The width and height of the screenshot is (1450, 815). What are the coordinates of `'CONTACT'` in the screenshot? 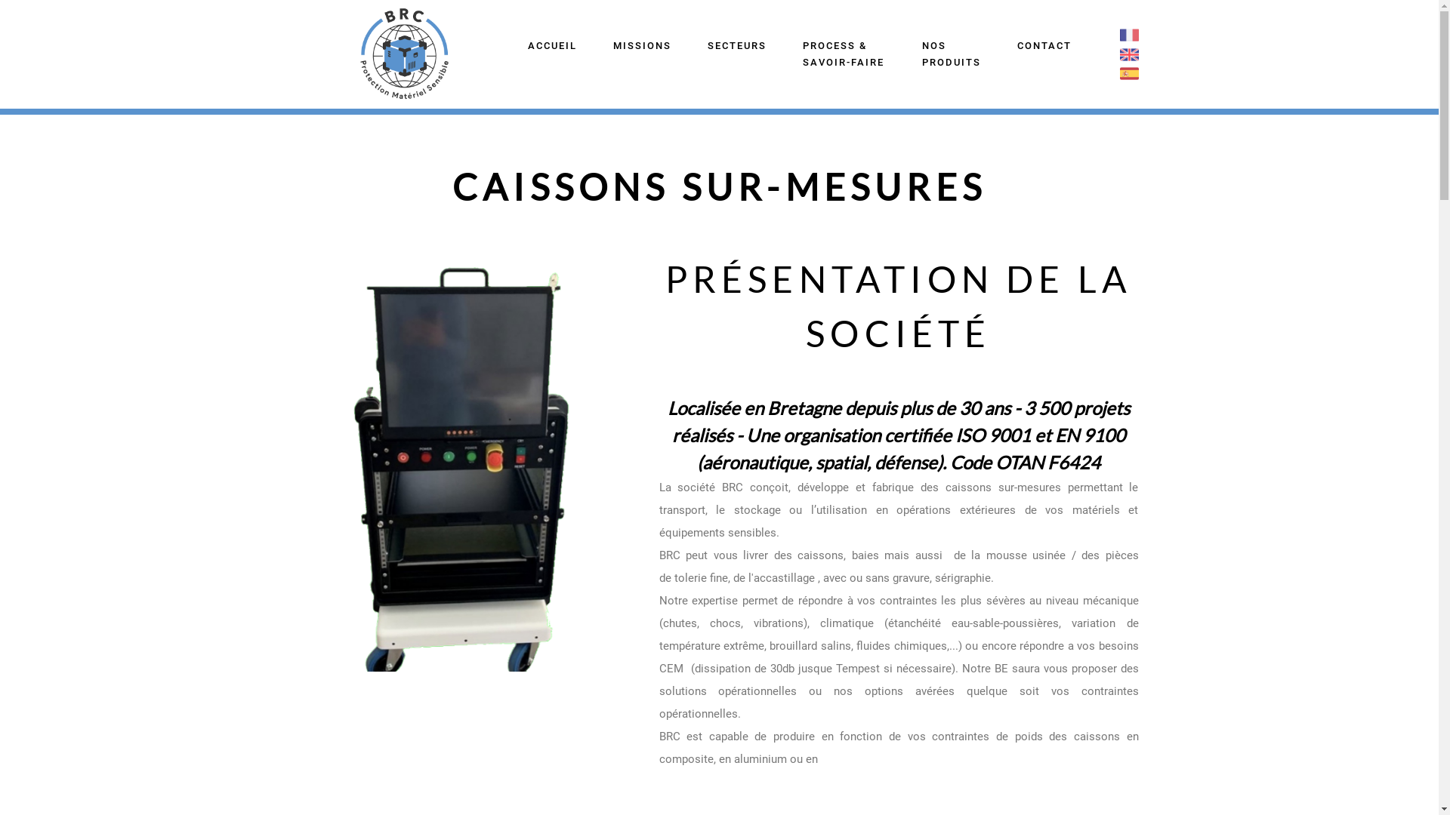 It's located at (1043, 45).